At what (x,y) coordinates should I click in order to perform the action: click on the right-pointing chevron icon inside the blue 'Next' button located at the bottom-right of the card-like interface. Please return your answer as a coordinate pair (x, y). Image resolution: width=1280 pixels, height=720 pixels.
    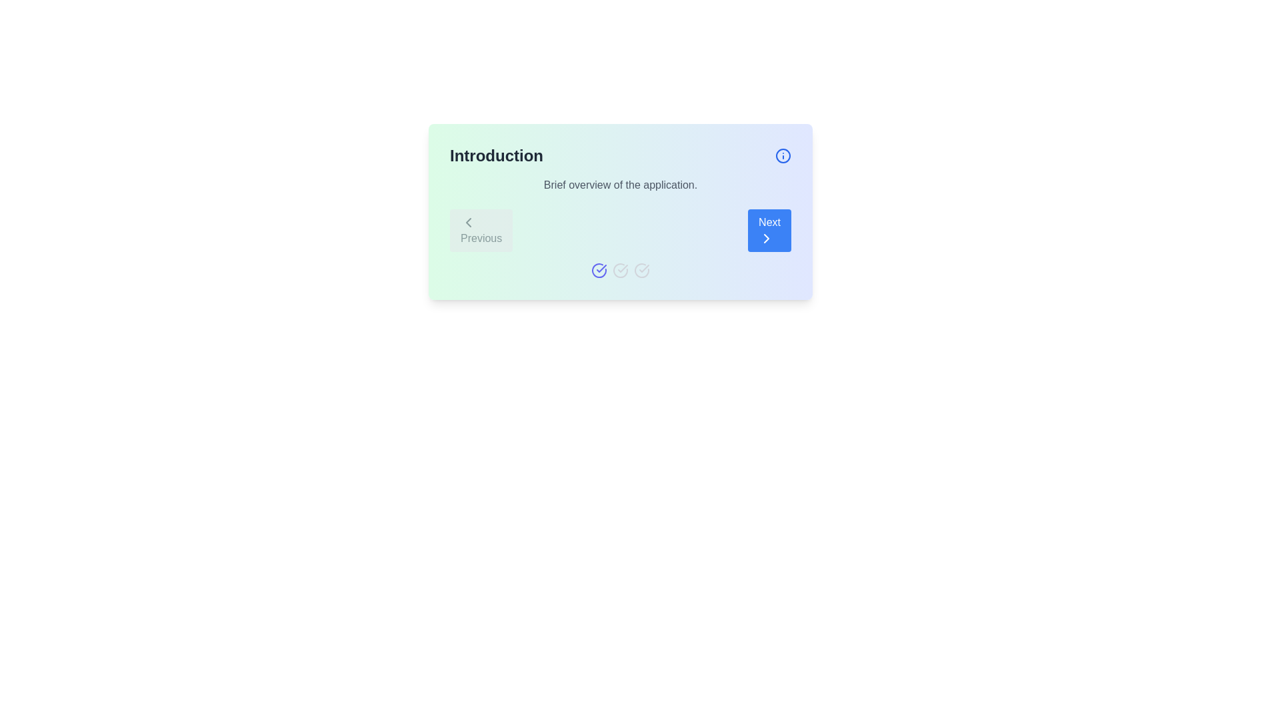
    Looking at the image, I should click on (767, 238).